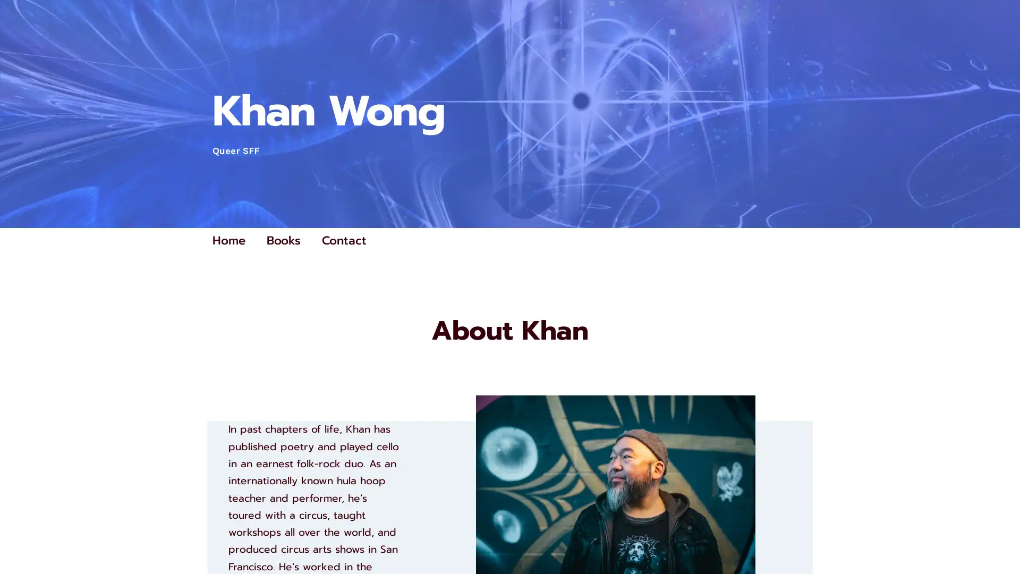  I want to click on Scroll to top, so click(999, 538).